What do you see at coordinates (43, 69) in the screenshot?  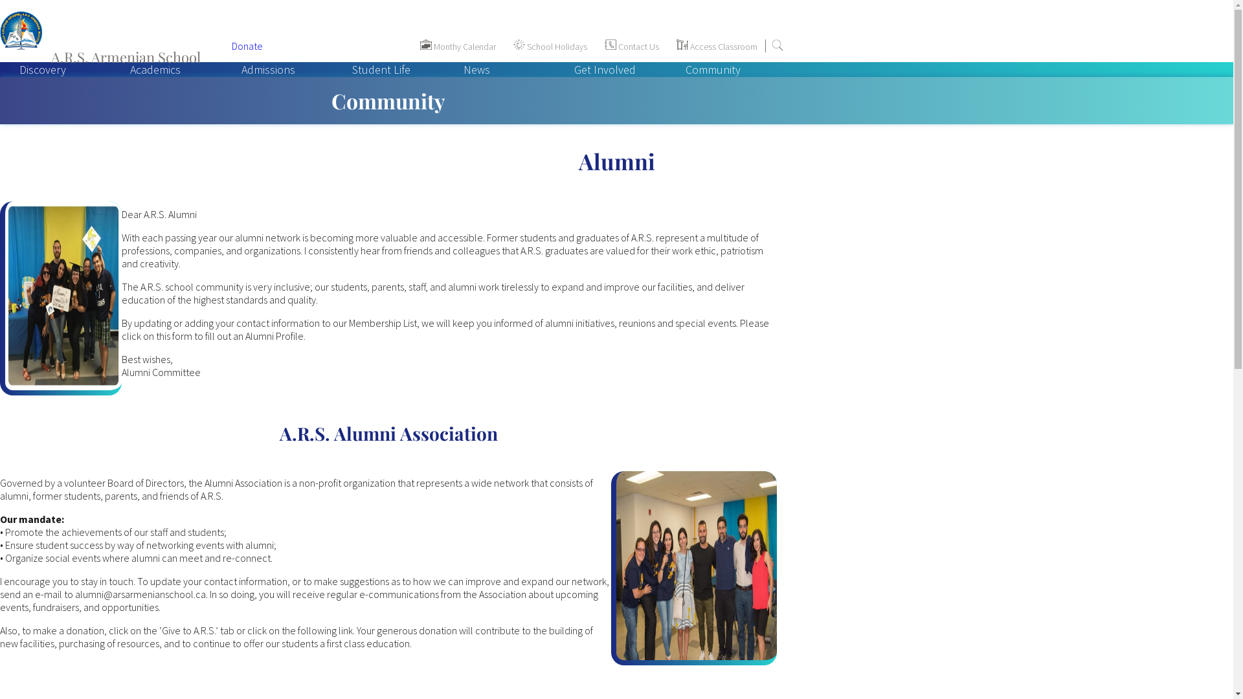 I see `'Discovery'` at bounding box center [43, 69].